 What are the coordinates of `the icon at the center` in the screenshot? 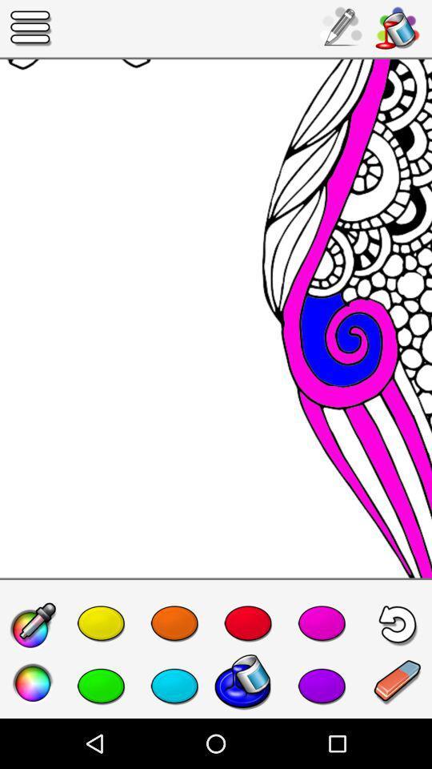 It's located at (216, 317).